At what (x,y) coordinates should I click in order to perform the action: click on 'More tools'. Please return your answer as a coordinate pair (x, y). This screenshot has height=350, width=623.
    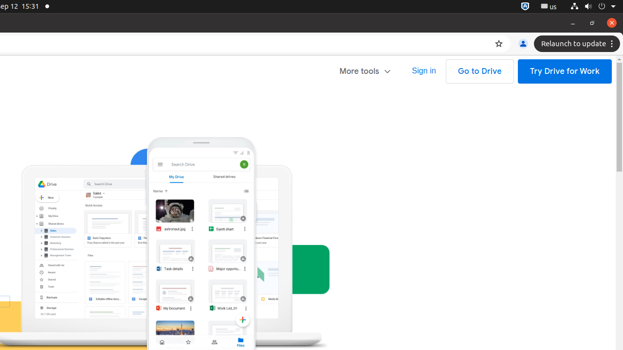
    Looking at the image, I should click on (365, 70).